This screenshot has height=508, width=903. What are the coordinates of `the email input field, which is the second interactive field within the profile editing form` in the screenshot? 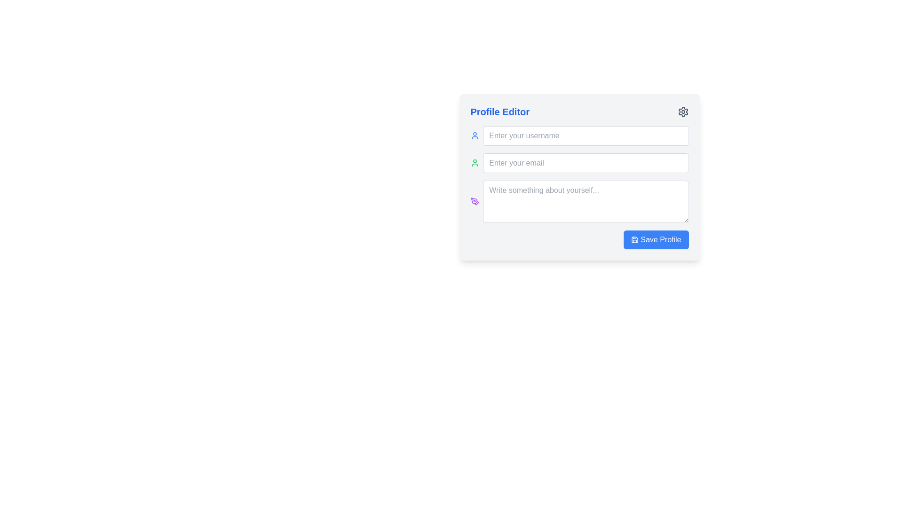 It's located at (579, 163).